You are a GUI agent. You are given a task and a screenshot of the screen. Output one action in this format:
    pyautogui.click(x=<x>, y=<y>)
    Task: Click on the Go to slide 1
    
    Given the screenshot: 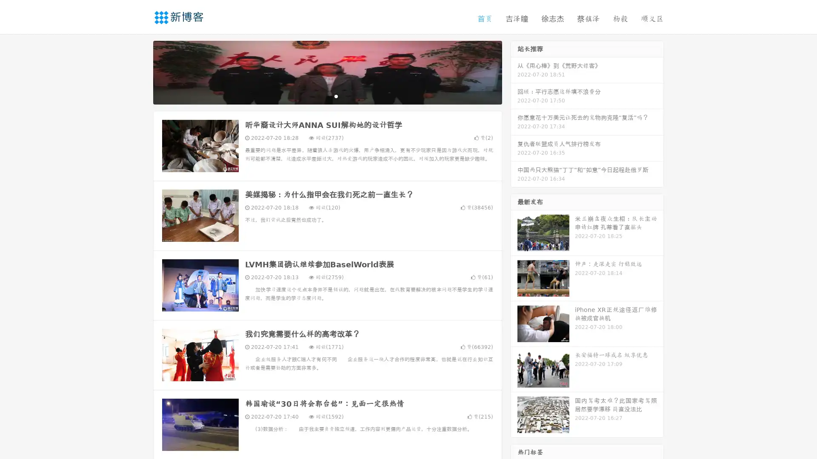 What is the action you would take?
    pyautogui.click(x=318, y=96)
    